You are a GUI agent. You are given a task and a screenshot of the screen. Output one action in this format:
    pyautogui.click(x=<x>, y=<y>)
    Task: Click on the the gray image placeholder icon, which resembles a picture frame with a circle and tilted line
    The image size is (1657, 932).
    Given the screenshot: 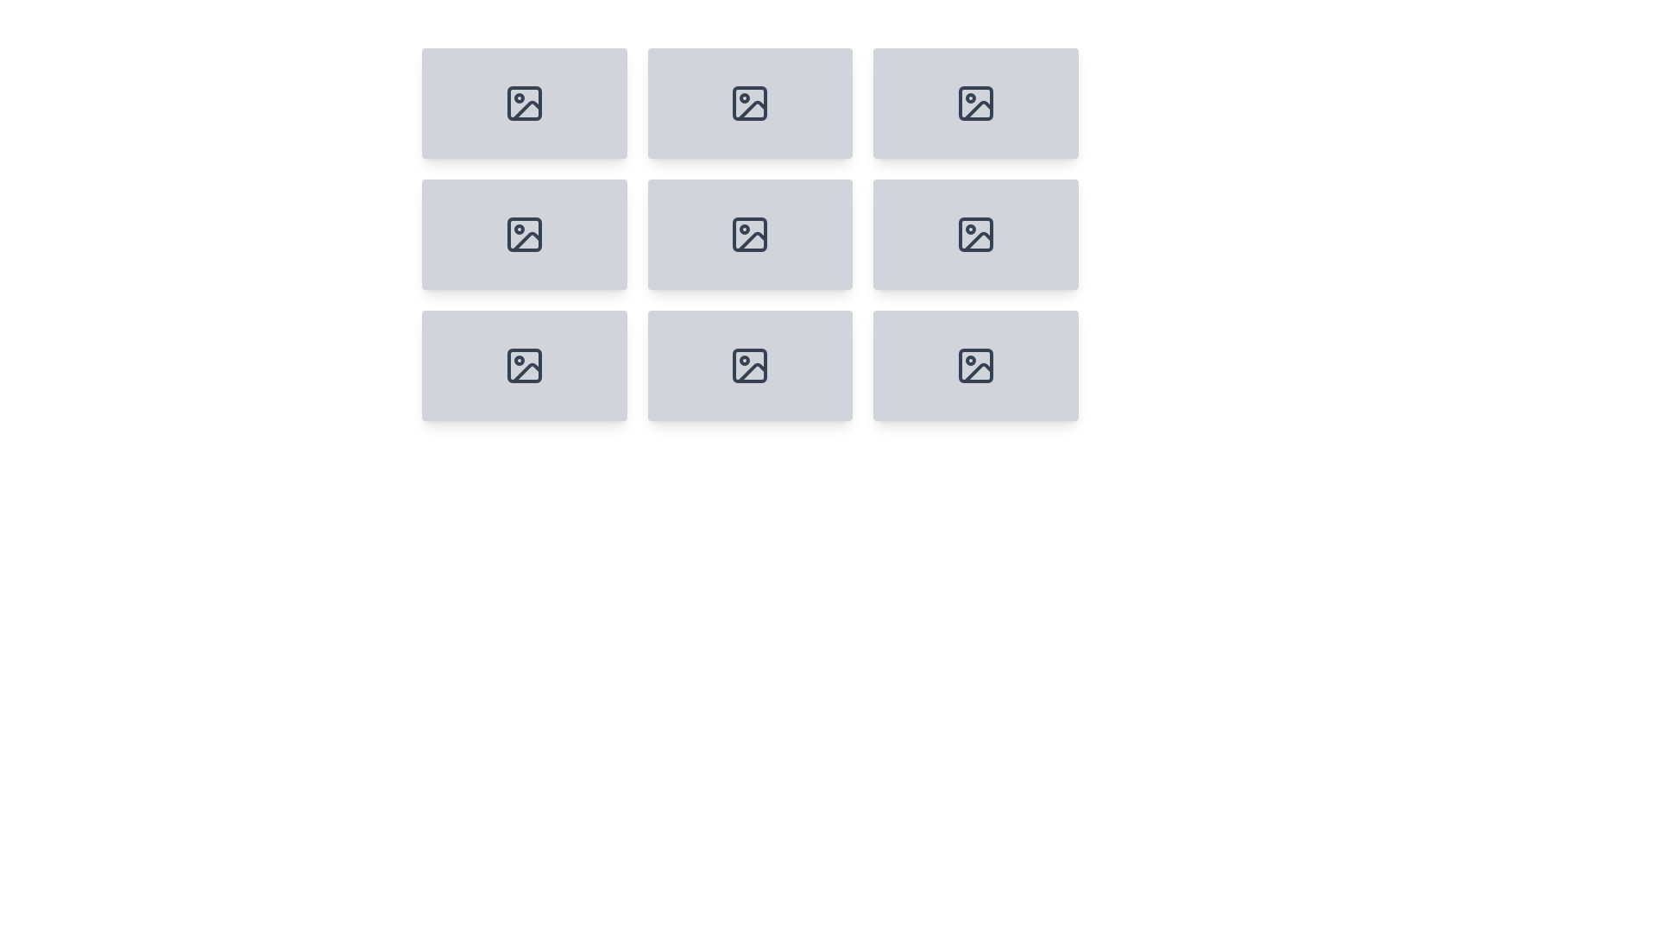 What is the action you would take?
    pyautogui.click(x=523, y=365)
    